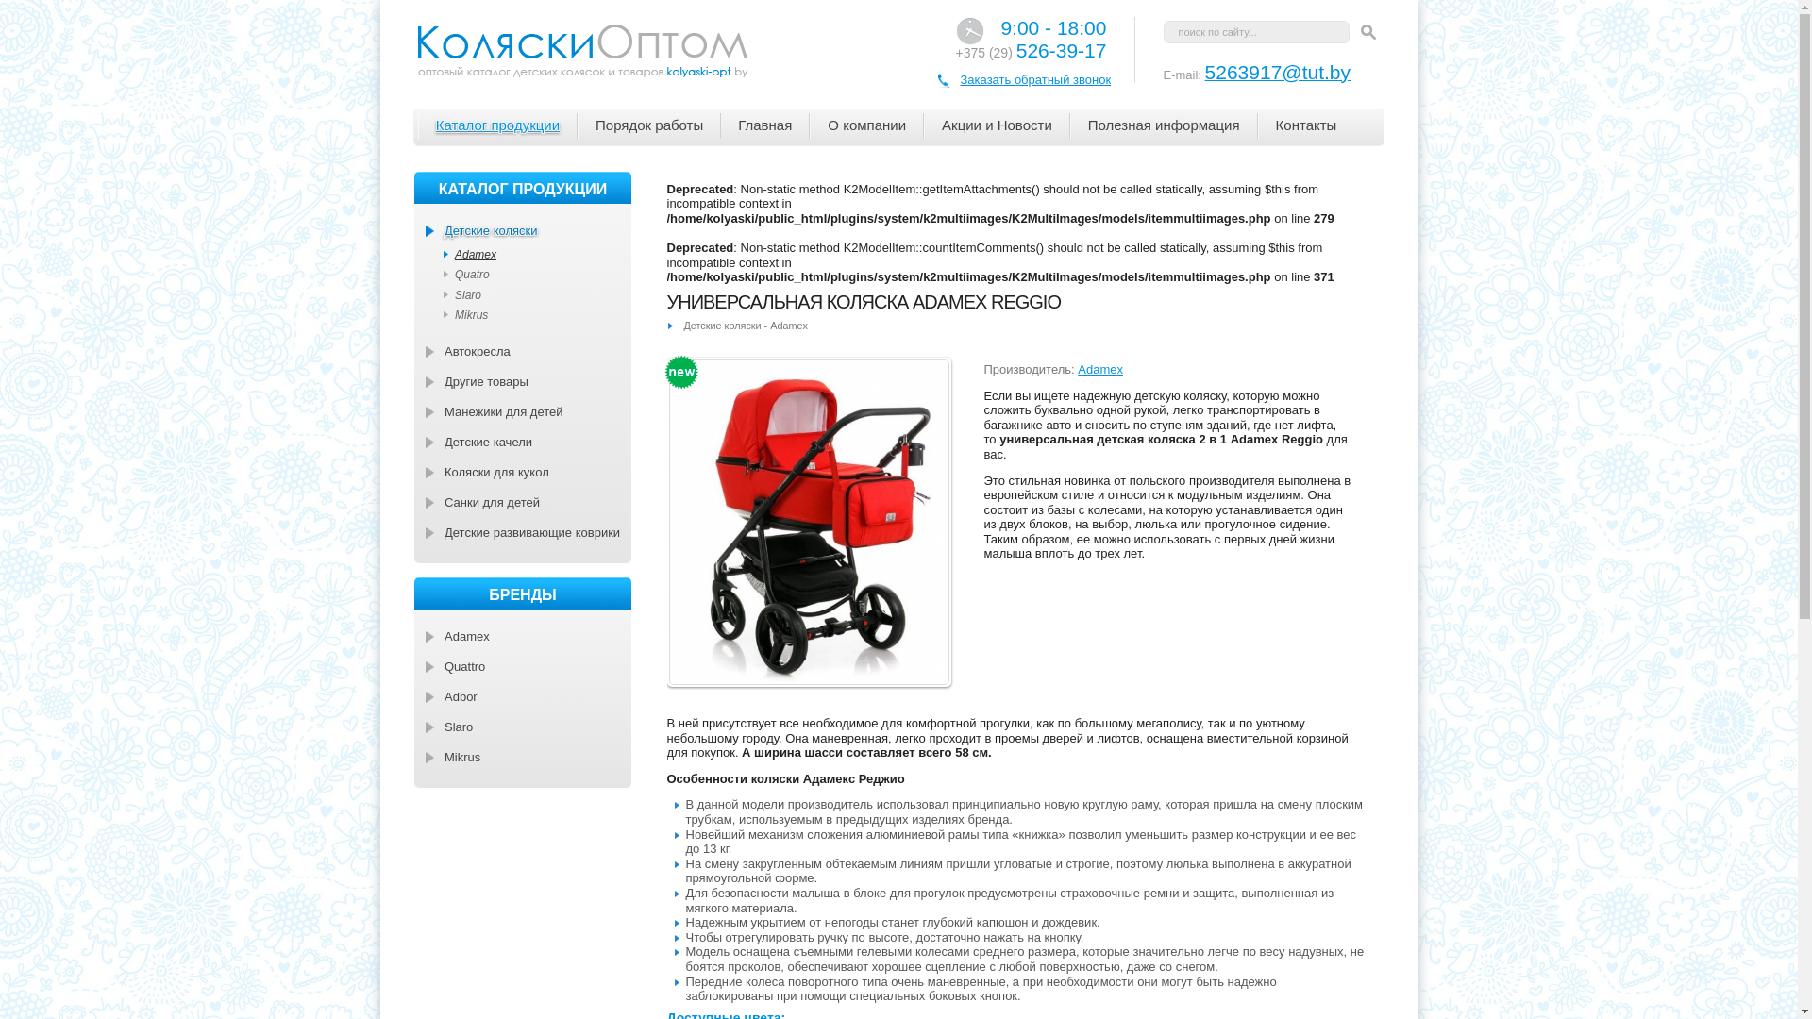 The image size is (1812, 1019). Describe the element at coordinates (1277, 72) in the screenshot. I see `'5263917@tut.by'` at that location.